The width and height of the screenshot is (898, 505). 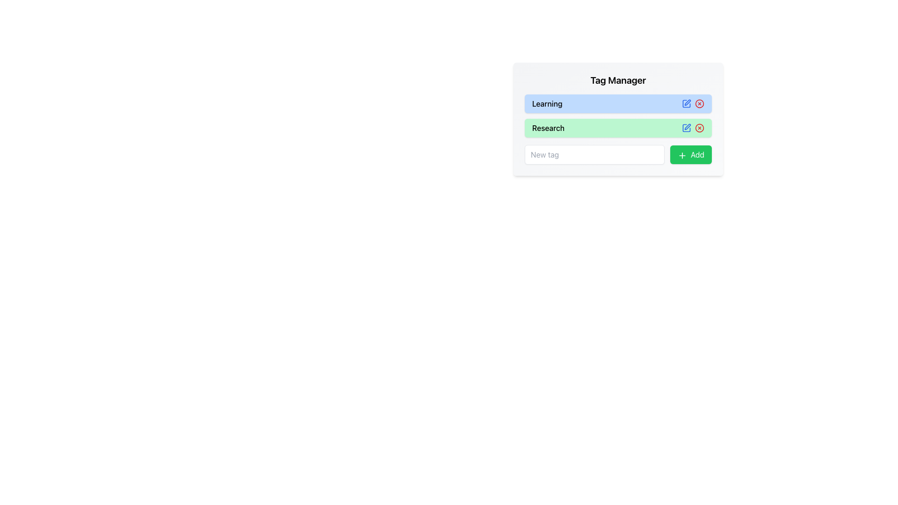 I want to click on the green button with rounded edges labeled 'Add' to observe its hover effect, so click(x=691, y=154).